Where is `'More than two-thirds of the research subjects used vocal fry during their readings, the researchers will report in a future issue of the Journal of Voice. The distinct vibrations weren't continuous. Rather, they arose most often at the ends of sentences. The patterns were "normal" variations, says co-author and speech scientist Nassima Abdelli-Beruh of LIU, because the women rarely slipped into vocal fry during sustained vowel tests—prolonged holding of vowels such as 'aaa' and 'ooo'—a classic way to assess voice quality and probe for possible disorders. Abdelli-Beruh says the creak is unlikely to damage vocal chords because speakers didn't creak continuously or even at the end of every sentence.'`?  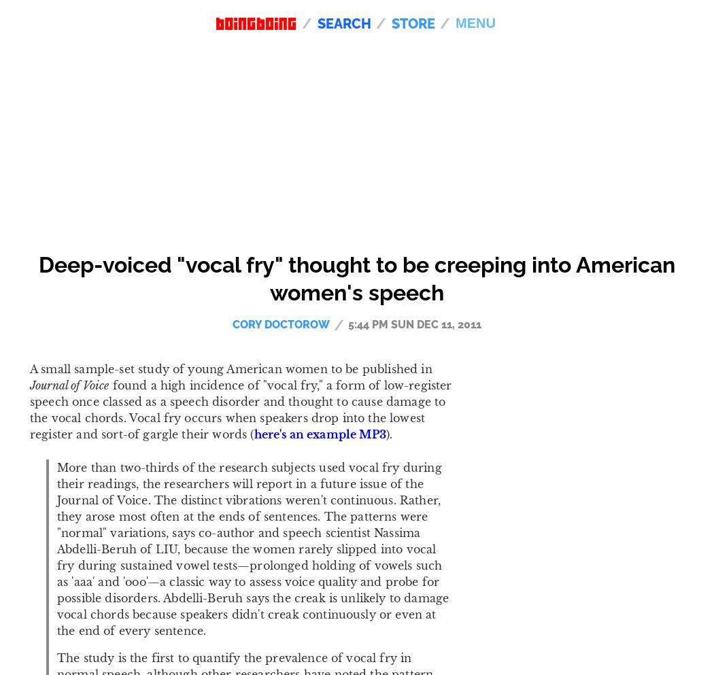
'More than two-thirds of the research subjects used vocal fry during their readings, the researchers will report in a future issue of the Journal of Voice. The distinct vibrations weren't continuous. Rather, they arose most often at the ends of sentences. The patterns were "normal" variations, says co-author and speech scientist Nassima Abdelli-Beruh of LIU, because the women rarely slipped into vocal fry during sustained vowel tests—prolonged holding of vowels such as 'aaa' and 'ooo'—a classic way to assess voice quality and probe for possible disorders. Abdelli-Beruh says the creak is unlikely to damage vocal chords because speakers didn't creak continuously or even at the end of every sentence.' is located at coordinates (57, 549).